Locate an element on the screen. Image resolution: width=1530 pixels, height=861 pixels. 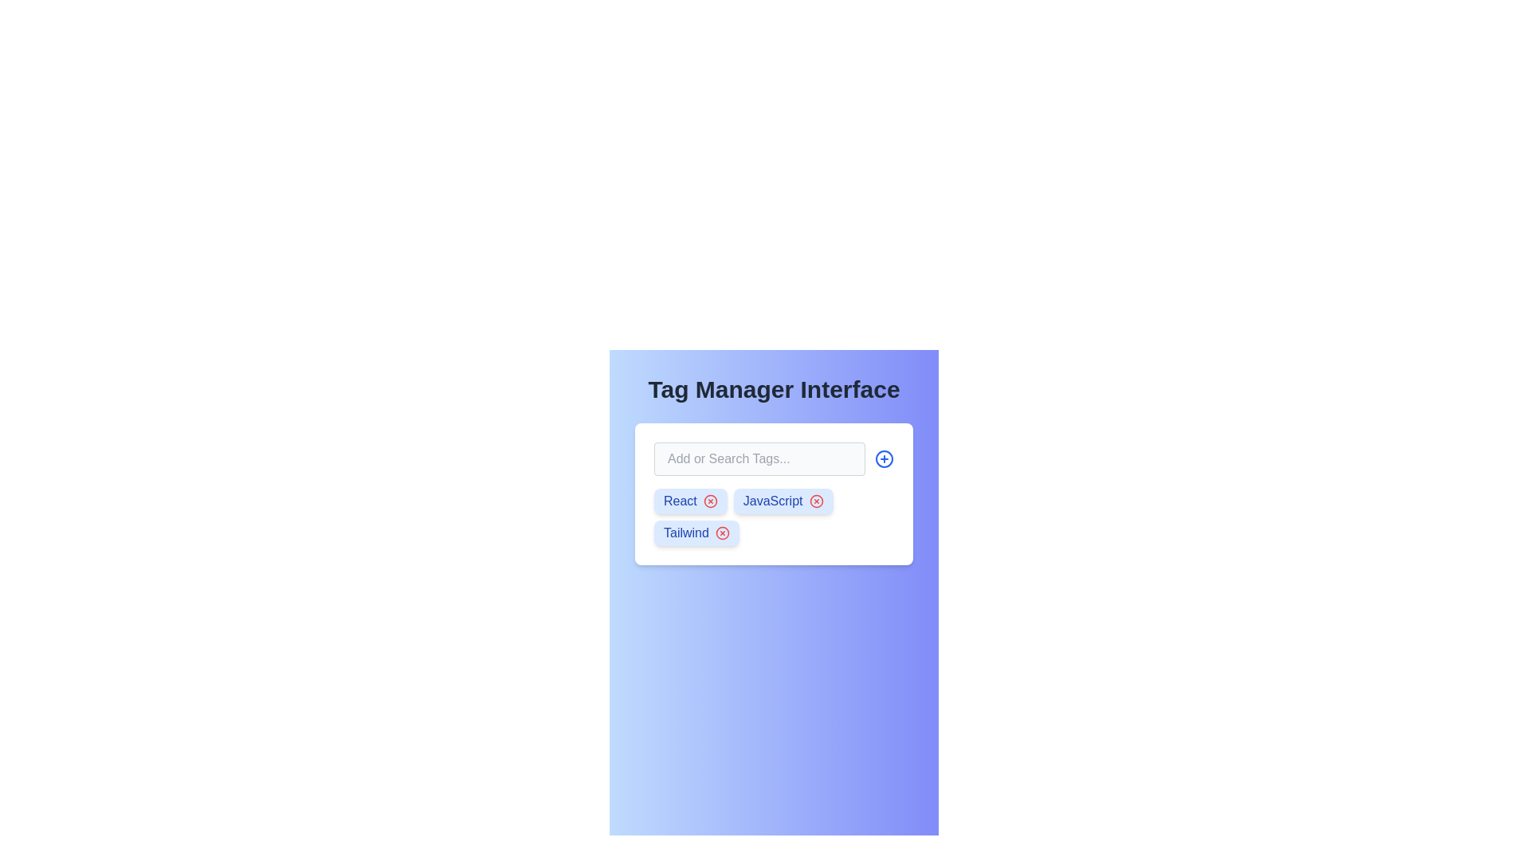
the rounded text input field with a light gray background and placeholder text 'Add or Search Tags...' located at the top-left corner of the 'Tag Manager Interface' section is located at coordinates (759, 458).